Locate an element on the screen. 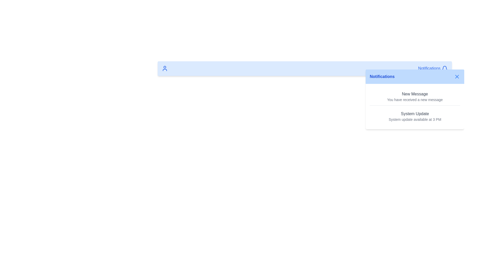 The image size is (493, 277). the 'System Update' text label located at the top of the notification item in the notifications panel is located at coordinates (415, 113).